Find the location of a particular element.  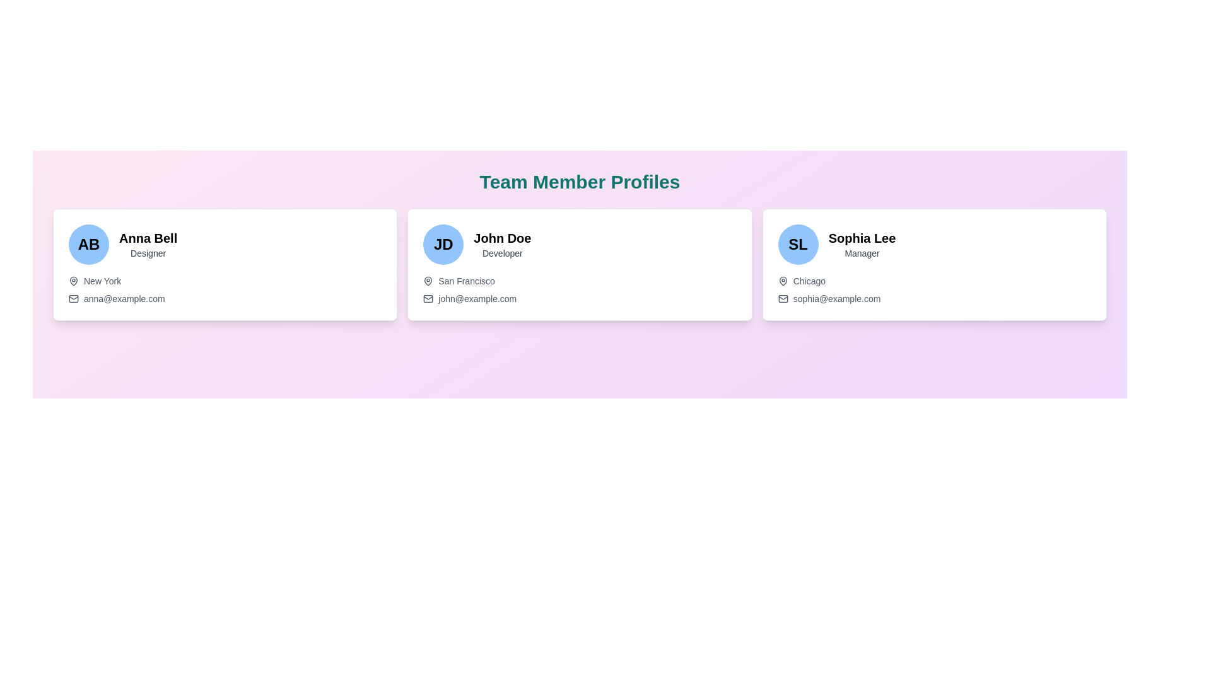

the rectangular envelope icon element within the profile card of 'John Doe - Developer', positioned below the email text 'john@example.com' is located at coordinates (428, 299).